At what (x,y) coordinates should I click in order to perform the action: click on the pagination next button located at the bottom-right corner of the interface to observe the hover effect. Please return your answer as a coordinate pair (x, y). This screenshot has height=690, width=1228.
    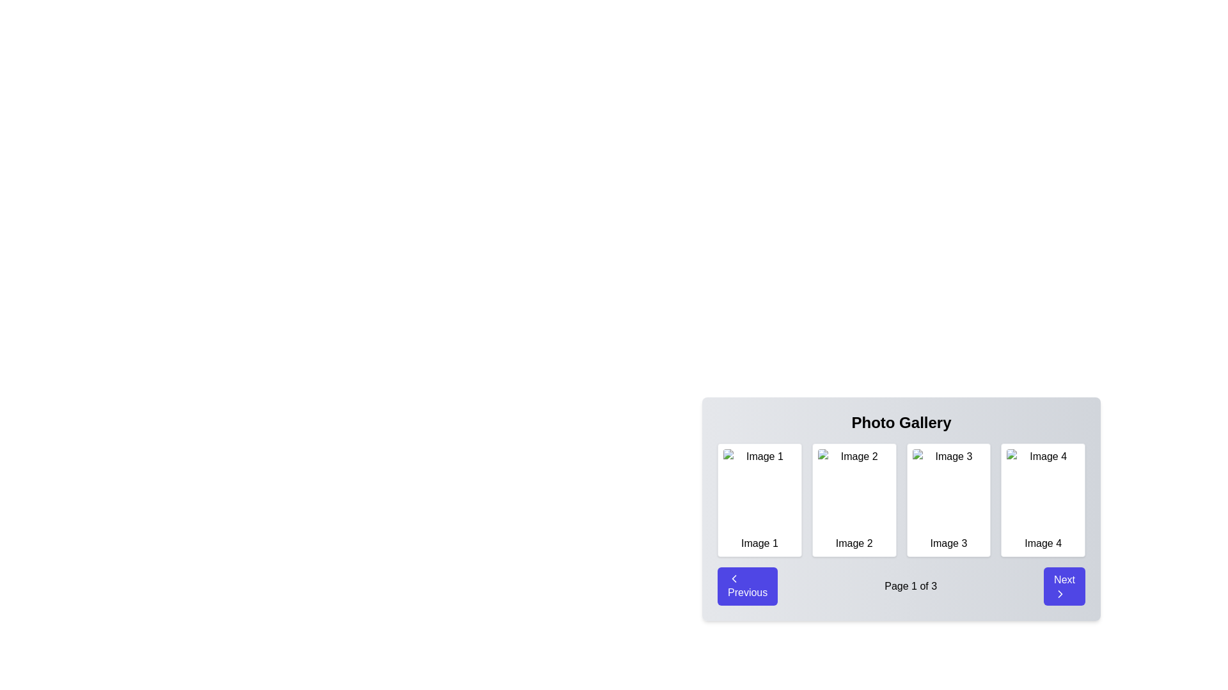
    Looking at the image, I should click on (1064, 586).